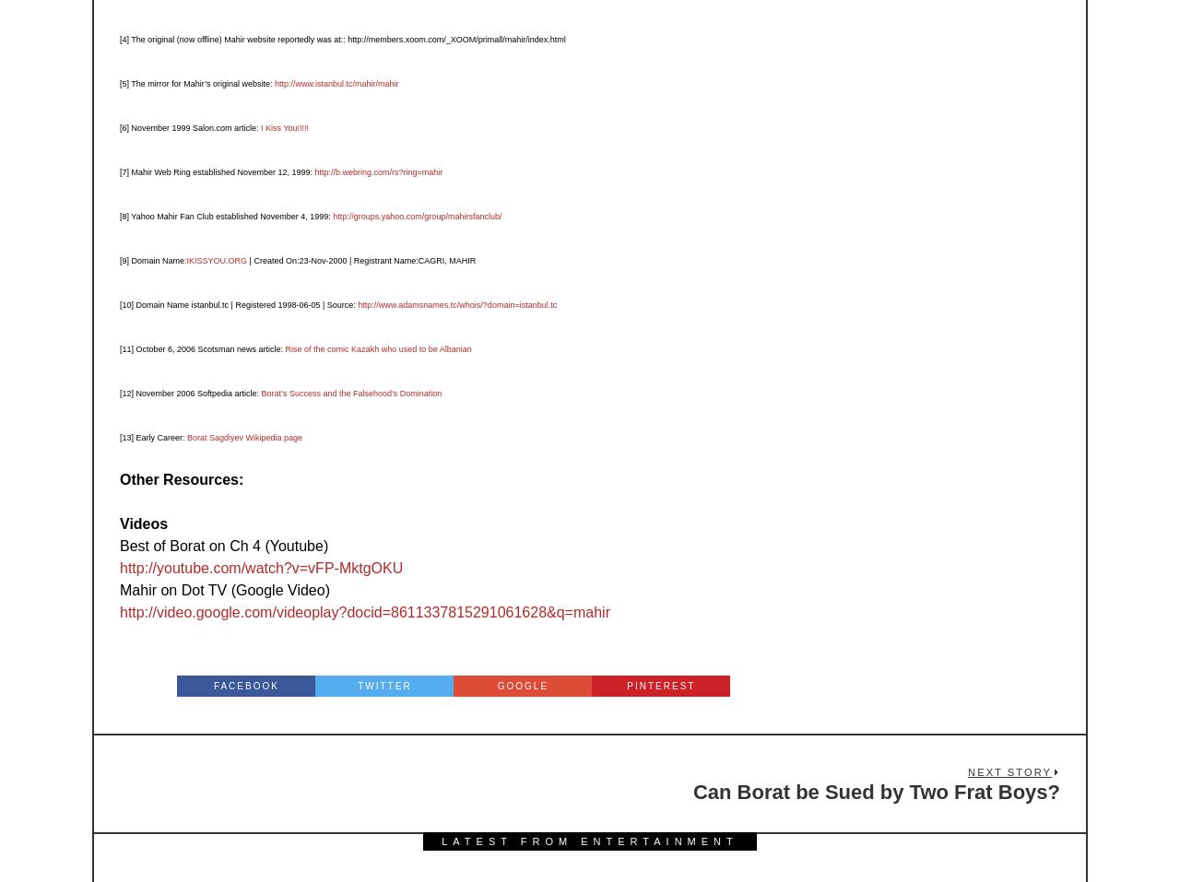 The image size is (1180, 882). What do you see at coordinates (222, 544) in the screenshot?
I see `'Best of Borat on Ch 4 (Youtube)'` at bounding box center [222, 544].